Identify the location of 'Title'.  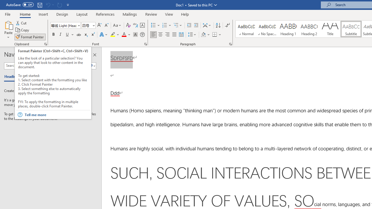
(330, 29).